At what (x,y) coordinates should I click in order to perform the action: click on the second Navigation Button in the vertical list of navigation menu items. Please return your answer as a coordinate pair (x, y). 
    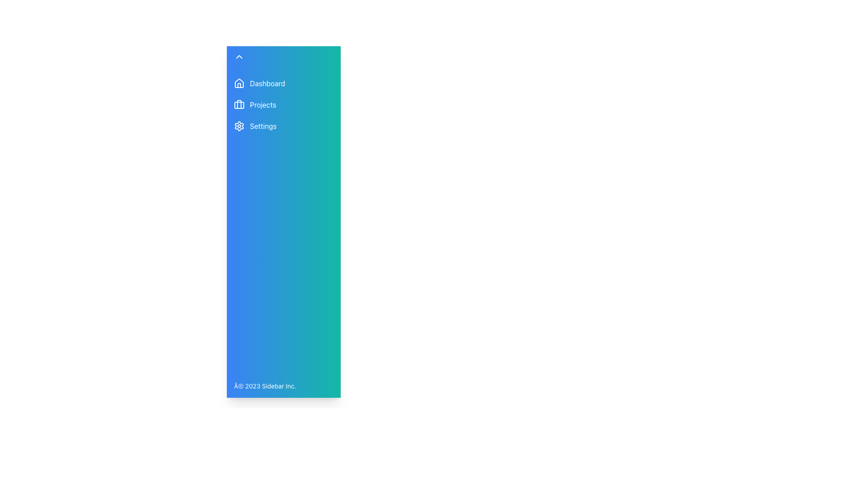
    Looking at the image, I should click on (264, 104).